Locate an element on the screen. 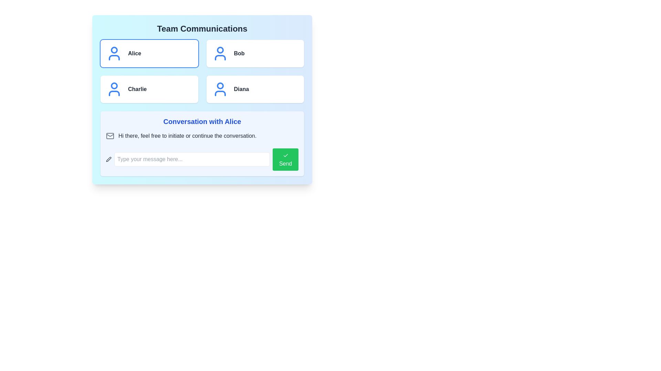 Image resolution: width=661 pixels, height=371 pixels. the user avatar icon representing Diana, located in the lower right corner of the user elements grid is located at coordinates (220, 89).